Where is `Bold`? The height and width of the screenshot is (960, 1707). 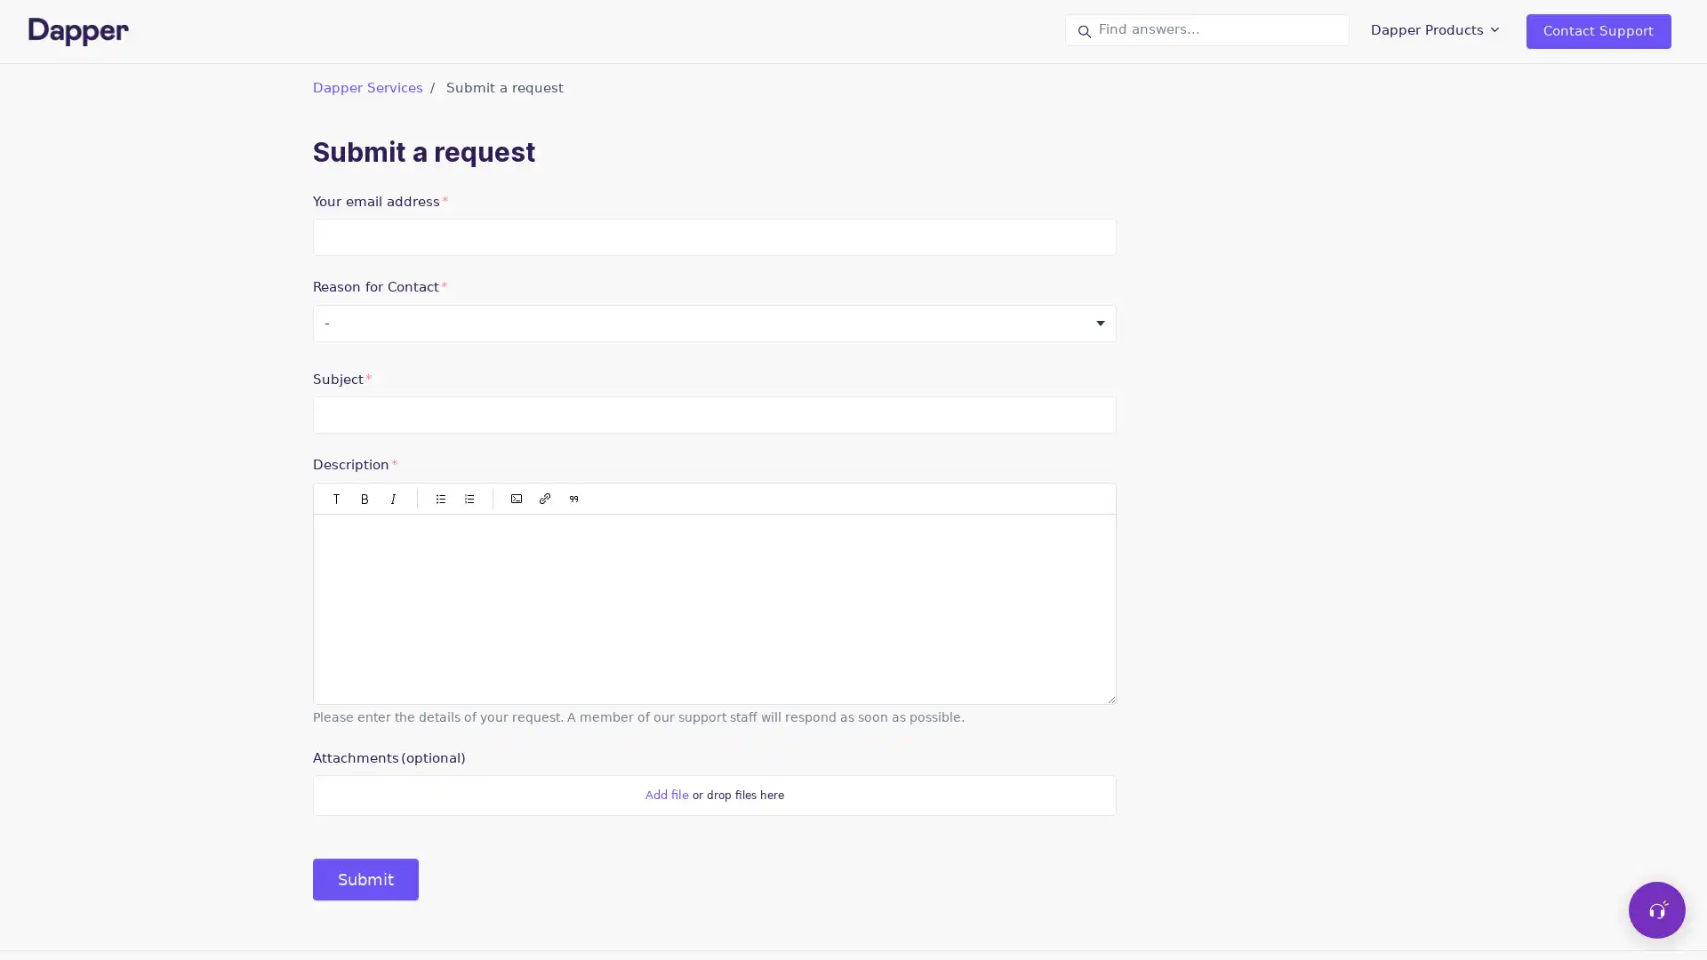 Bold is located at coordinates (365, 498).